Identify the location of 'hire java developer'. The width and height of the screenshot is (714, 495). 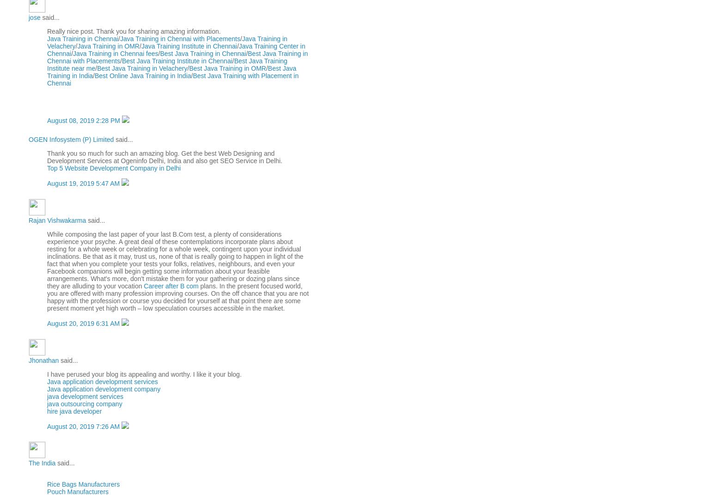
(46, 411).